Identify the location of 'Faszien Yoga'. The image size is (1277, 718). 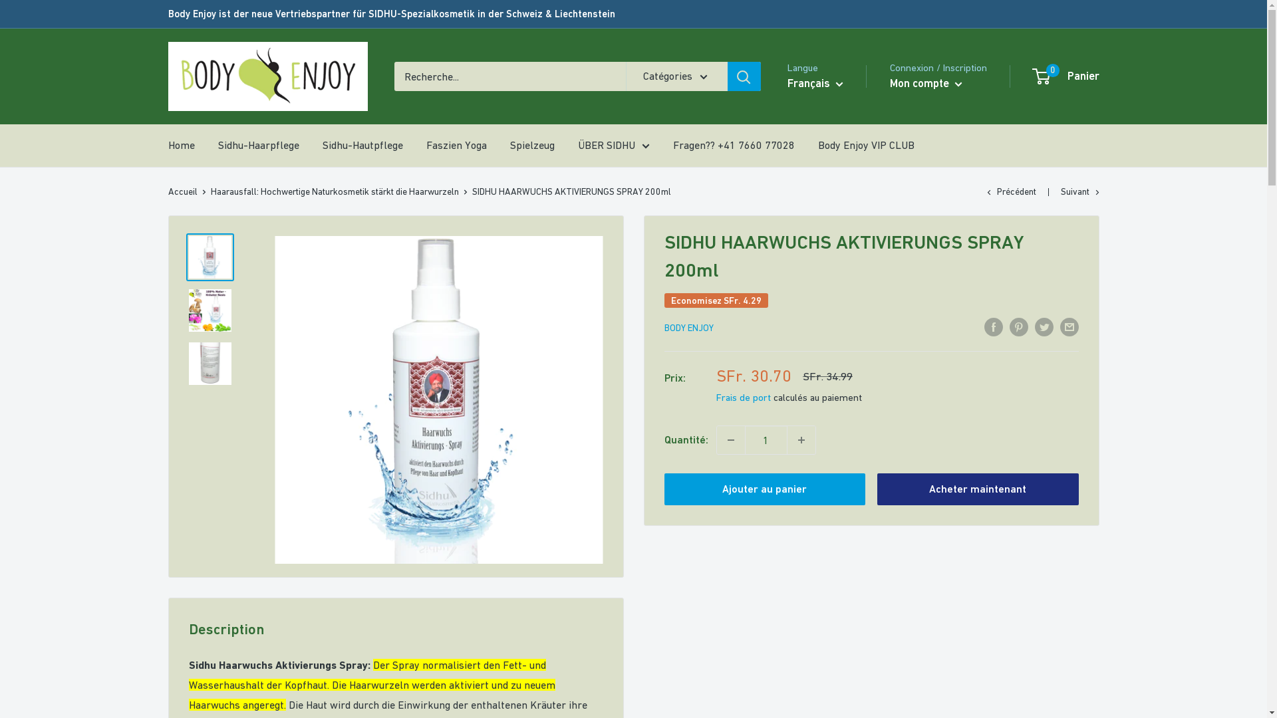
(456, 146).